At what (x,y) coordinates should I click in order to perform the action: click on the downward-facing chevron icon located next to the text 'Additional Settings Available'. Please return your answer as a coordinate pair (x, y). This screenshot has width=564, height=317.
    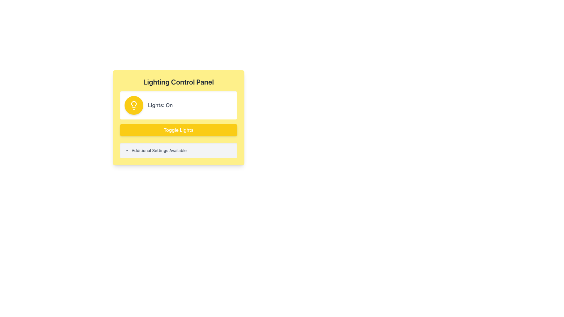
    Looking at the image, I should click on (127, 150).